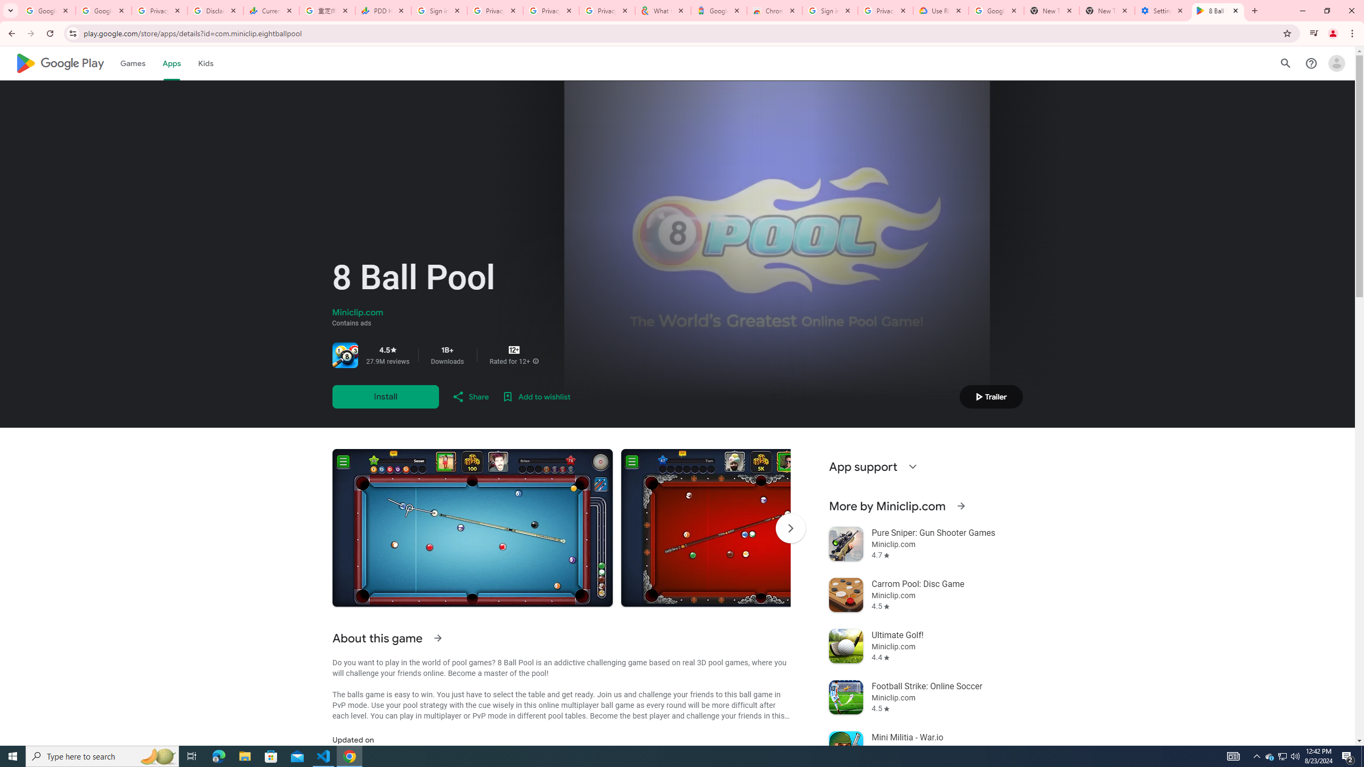 This screenshot has height=767, width=1364. Describe the element at coordinates (1314, 33) in the screenshot. I see `'Control your music, videos, and more'` at that location.